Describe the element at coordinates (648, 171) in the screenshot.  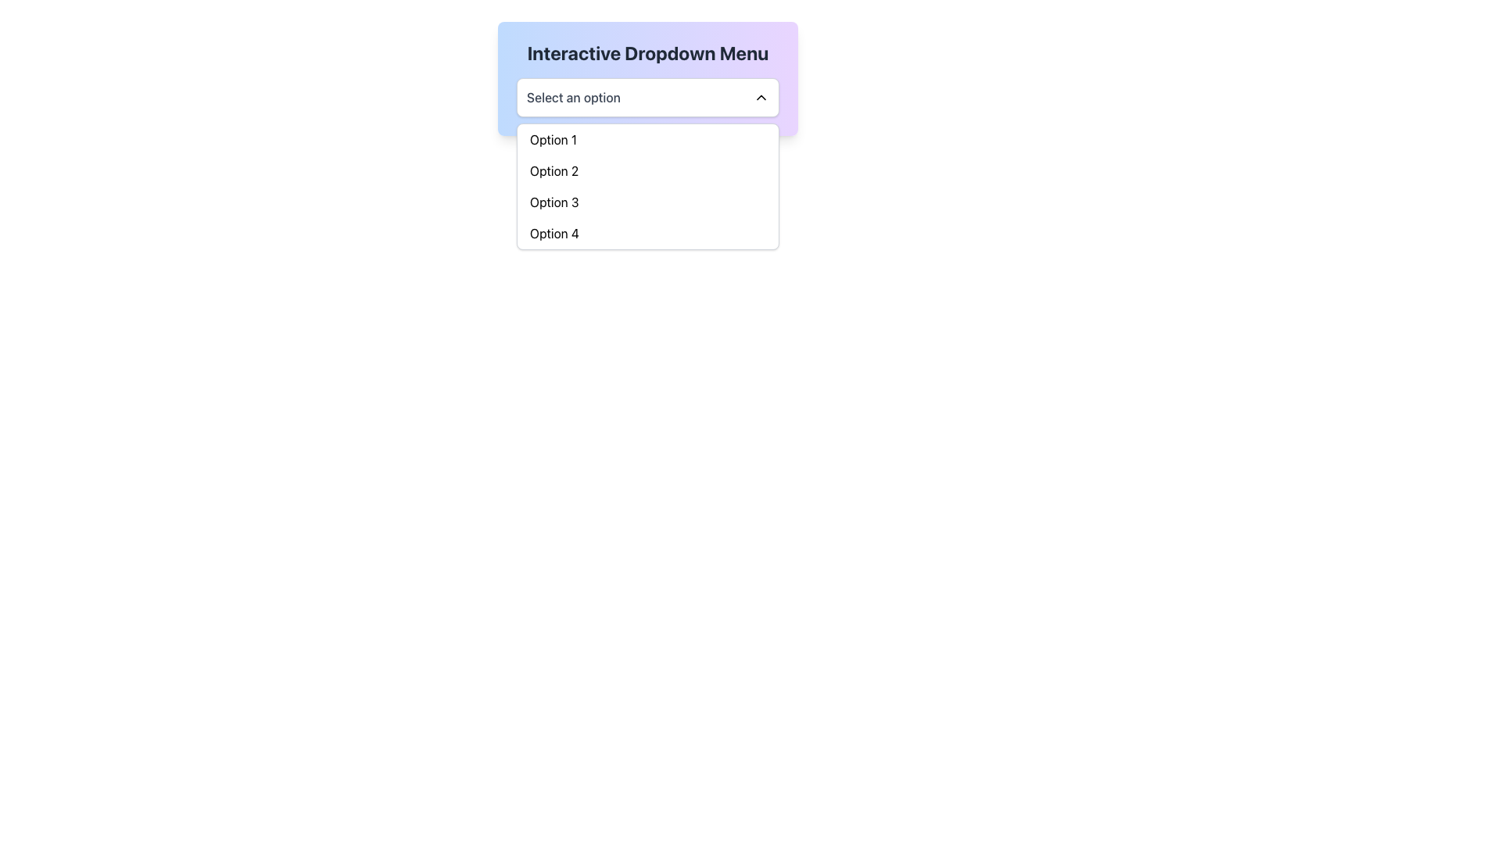
I see `the second selectable option in the dropdown menu` at that location.